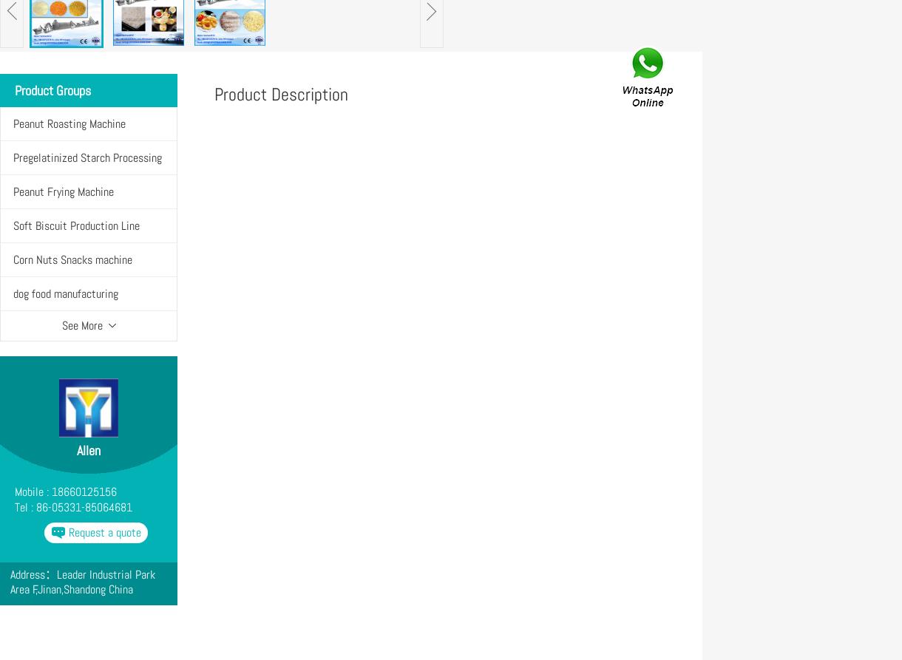  I want to click on 'dog food manufacturing equipment', so click(65, 310).